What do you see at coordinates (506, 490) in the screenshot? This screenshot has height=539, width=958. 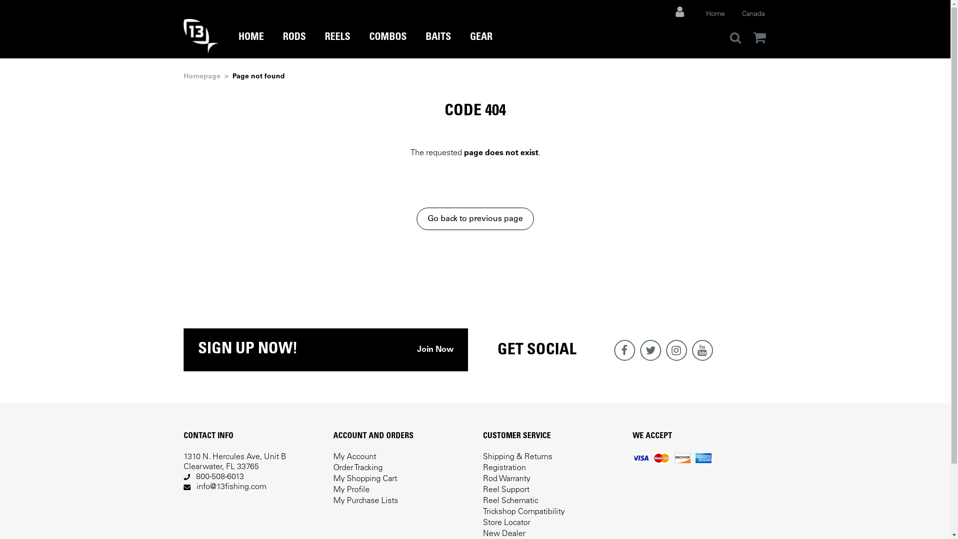 I see `'Reel Support'` at bounding box center [506, 490].